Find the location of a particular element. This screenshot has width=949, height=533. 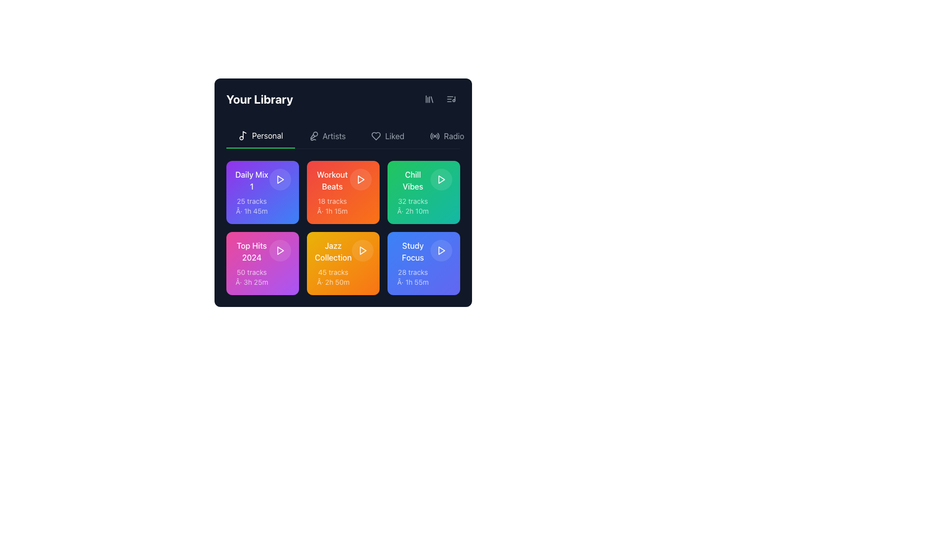

the first navigation button in the top-right section of the interface is located at coordinates (429, 99).